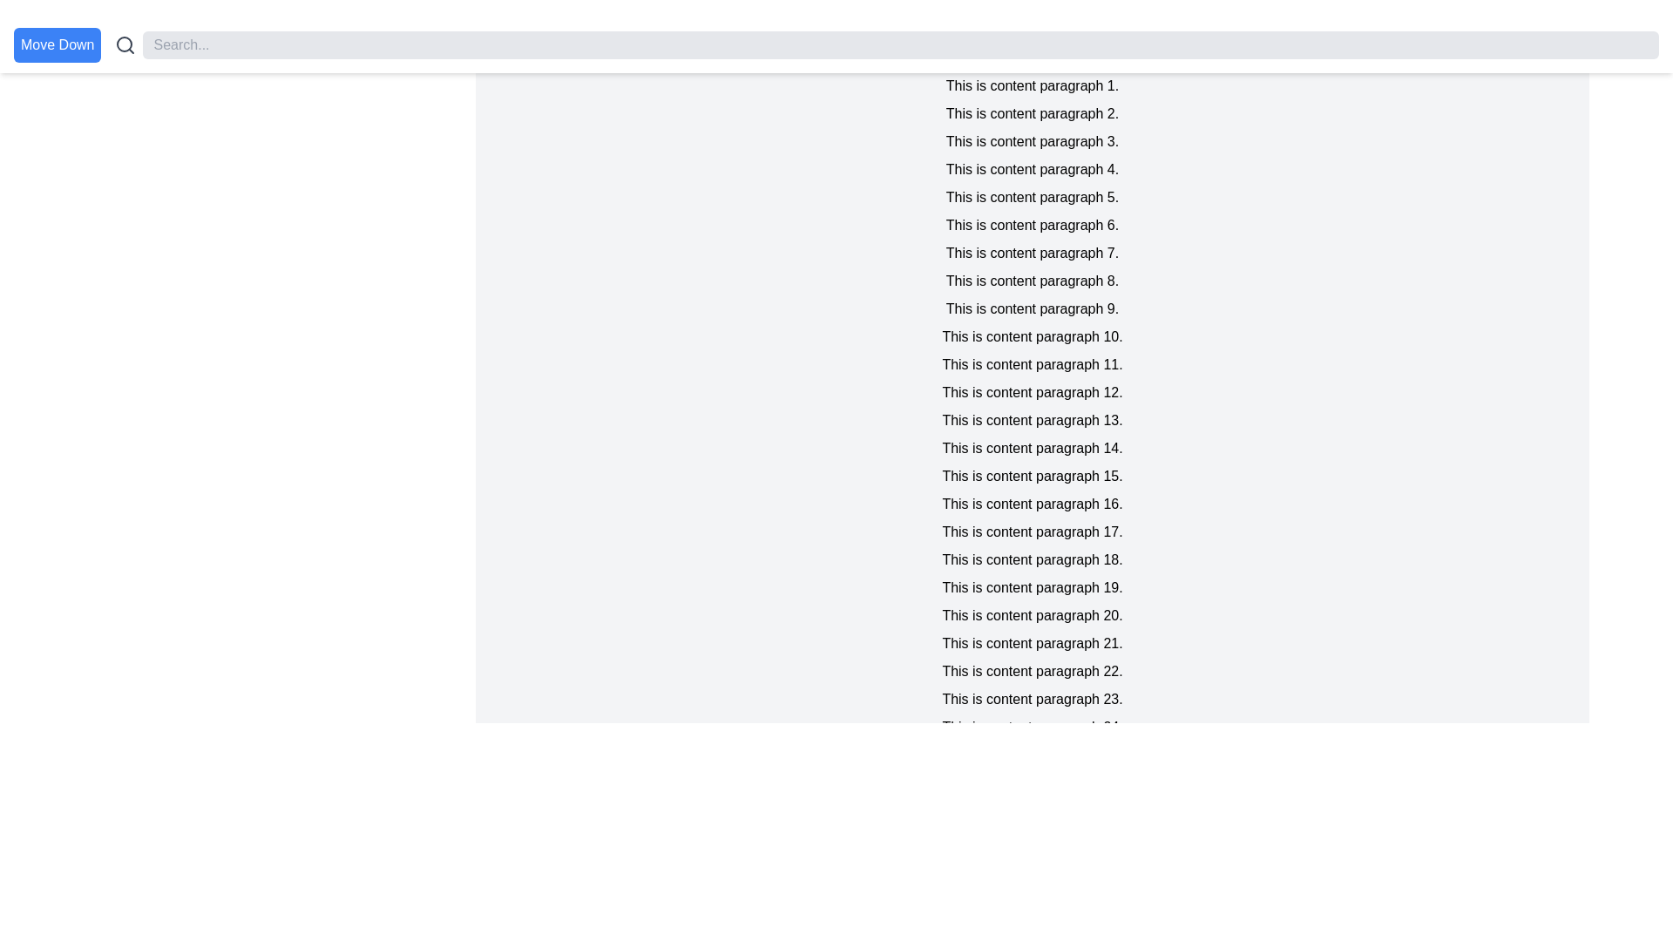 The height and width of the screenshot is (941, 1673). Describe the element at coordinates (1033, 114) in the screenshot. I see `the second paragraph located beneath 'This is content paragraph 1.' in the content section` at that location.